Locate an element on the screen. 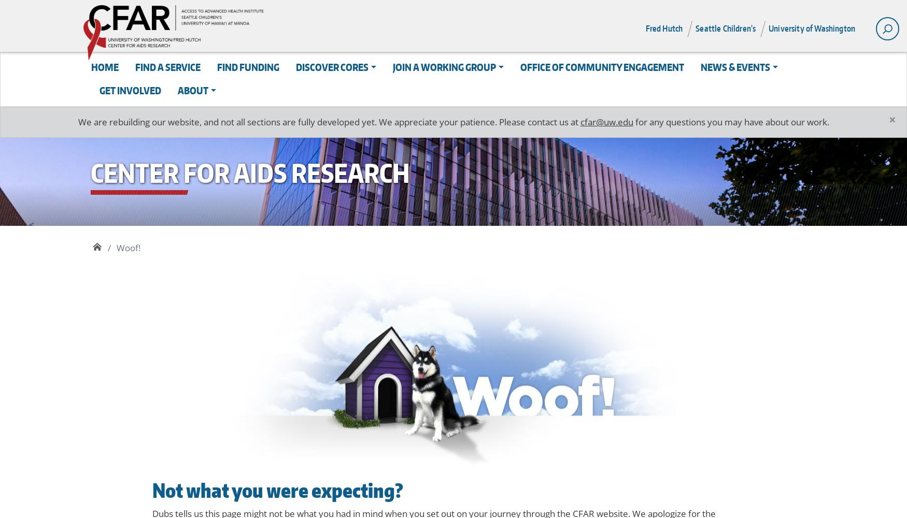 This screenshot has width=907, height=518. 'About' is located at coordinates (193, 90).